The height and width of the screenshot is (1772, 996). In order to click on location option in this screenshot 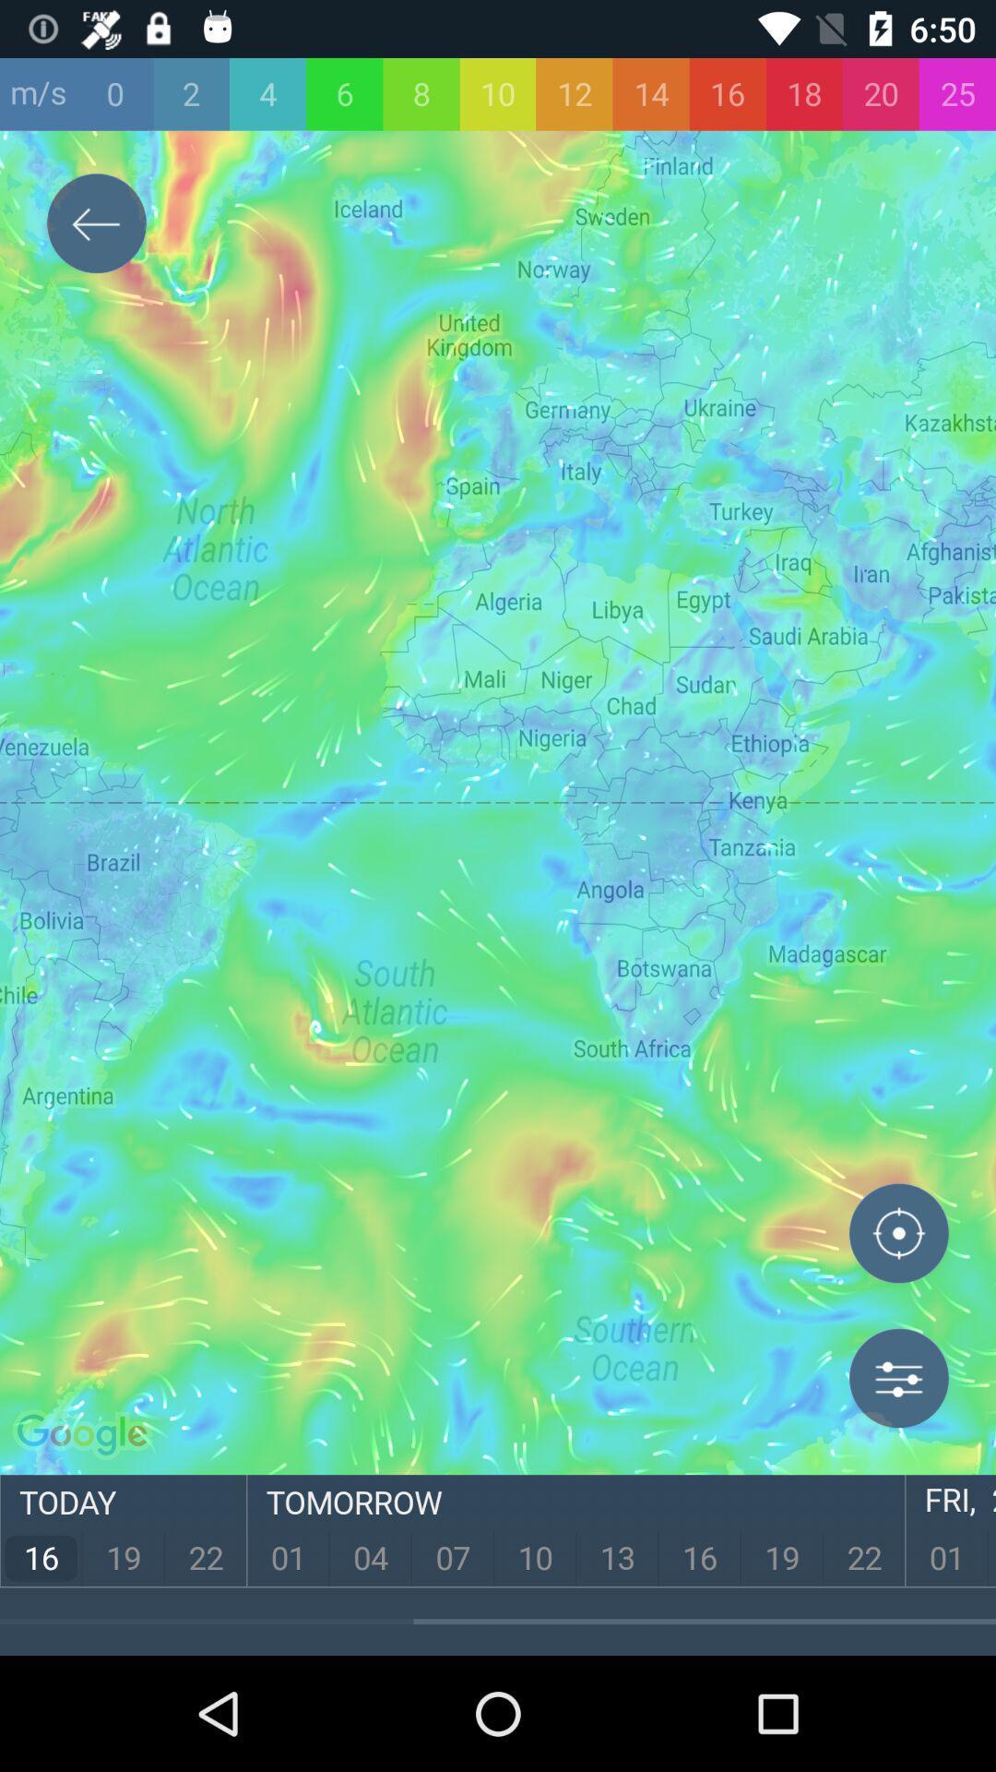, I will do `click(898, 1237)`.